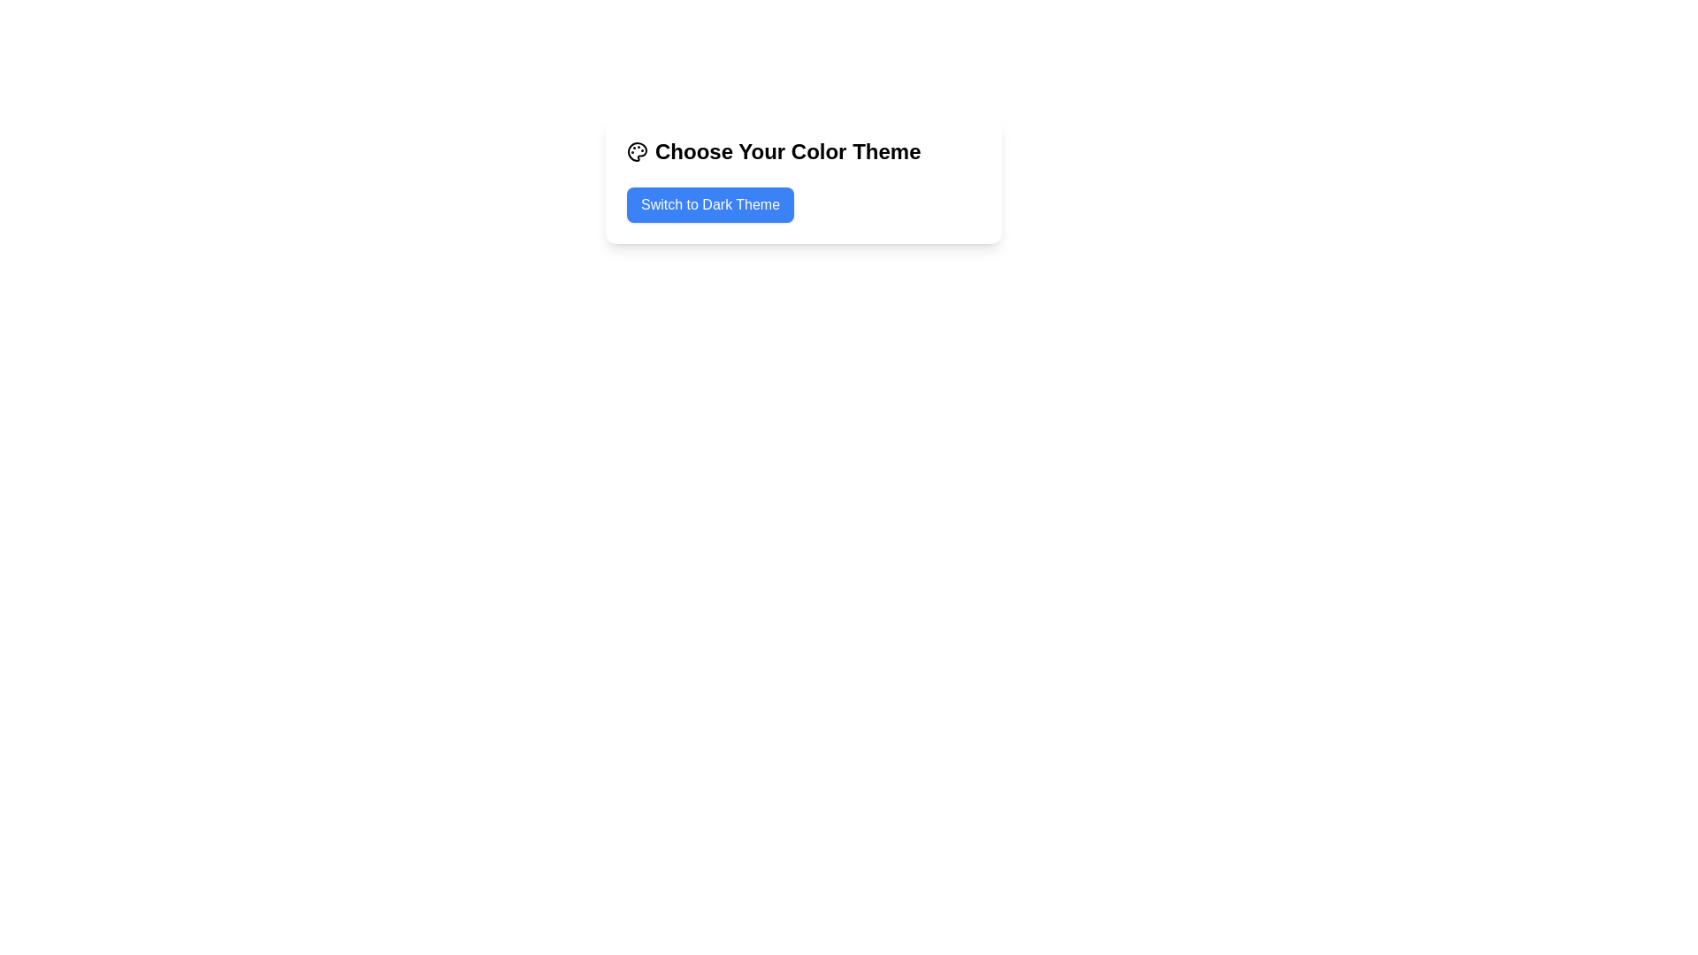  I want to click on the 'Switch to Dark Theme' button to change the theme, so click(710, 203).